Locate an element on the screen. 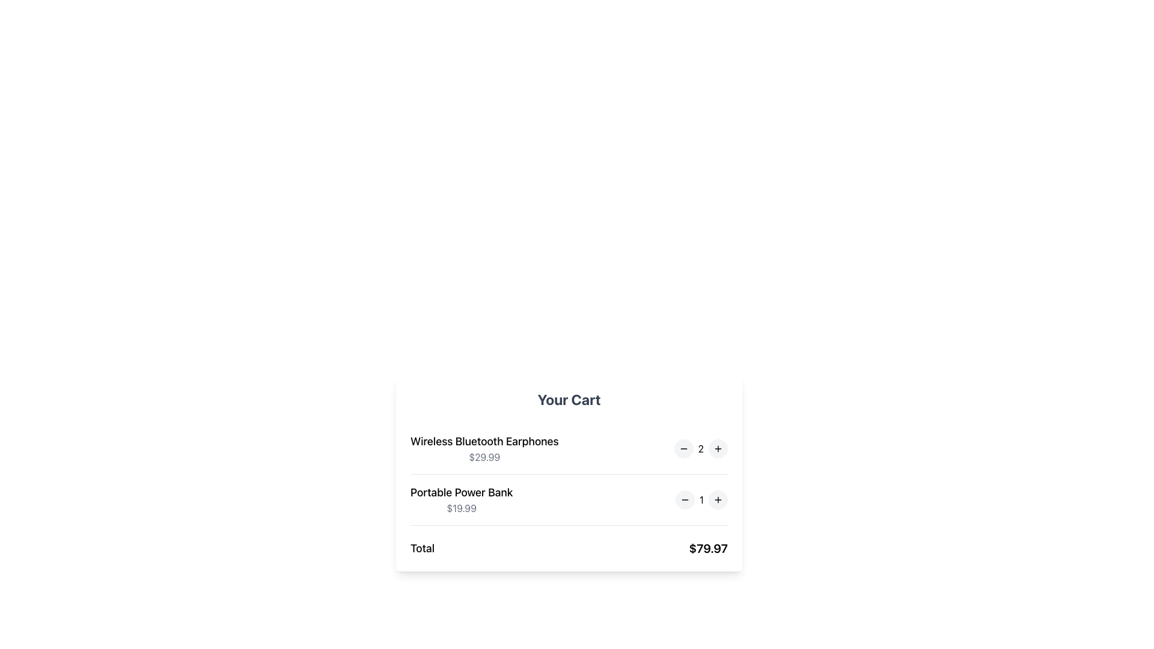  price of the 'Portable Power Bank' item located in the second row of the shopping cart, priced at $19.99 is located at coordinates (568, 500).